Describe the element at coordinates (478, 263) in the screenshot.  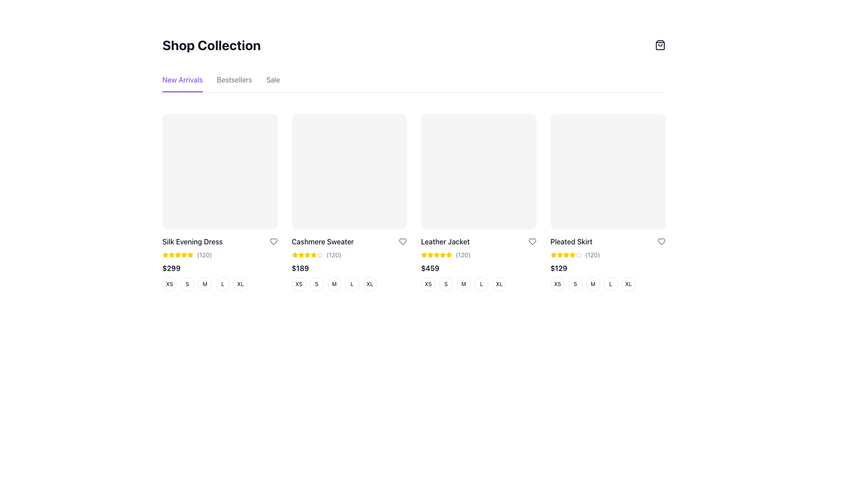
I see `the size option within the Leather Jacket product information card located in the third column of the first row of product listings in the 'New Arrivals' section` at that location.